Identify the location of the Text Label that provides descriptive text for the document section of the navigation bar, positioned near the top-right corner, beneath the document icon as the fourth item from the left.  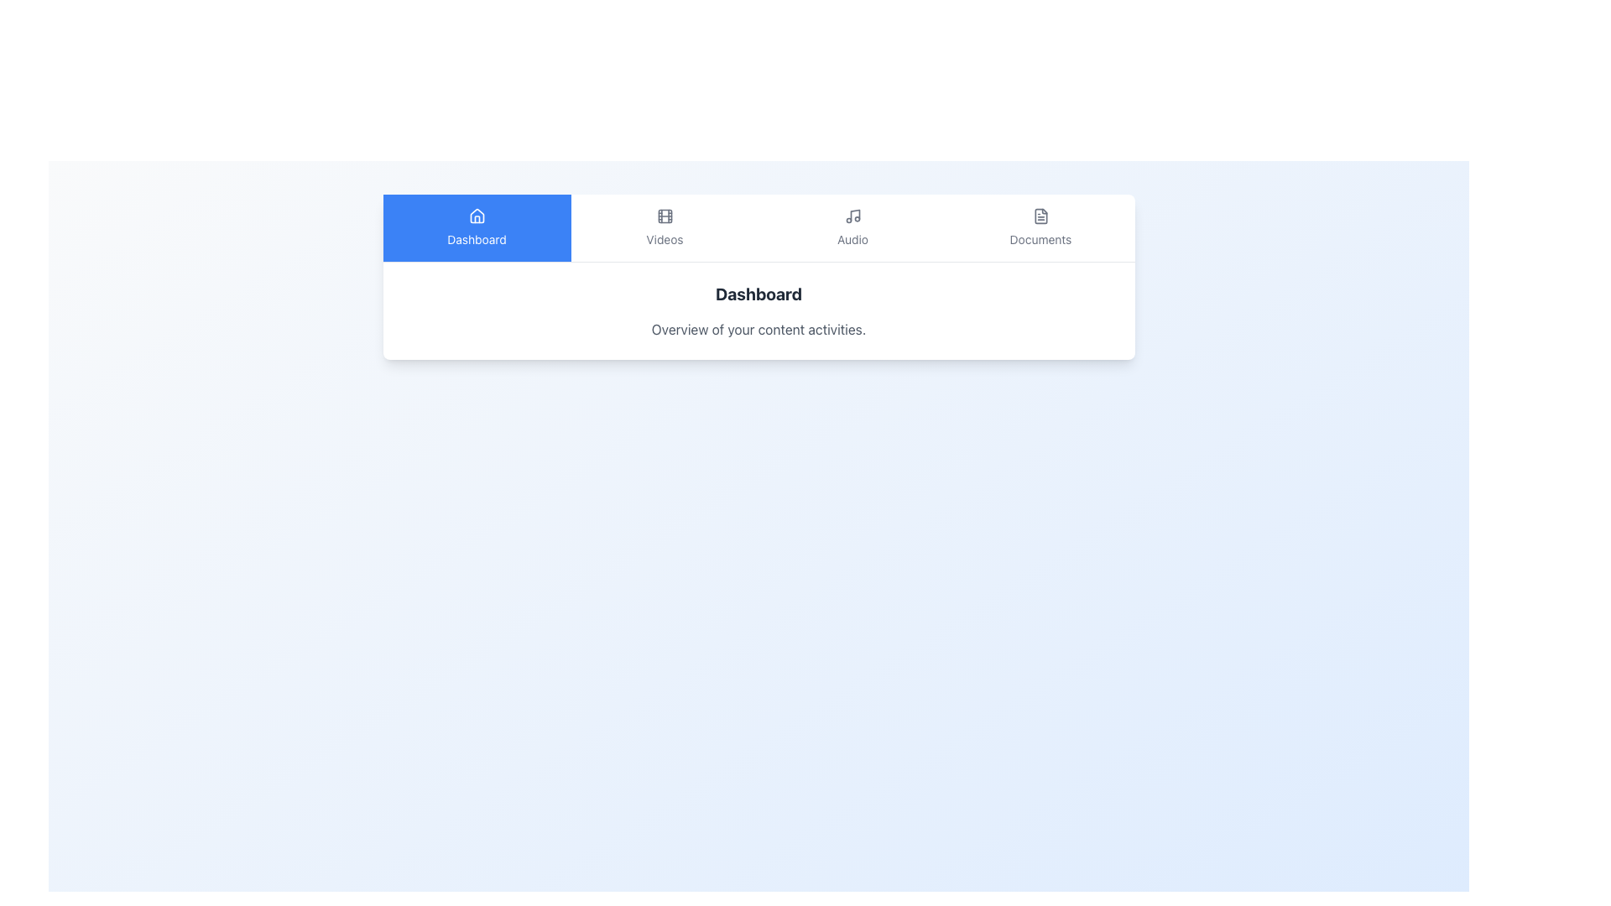
(1040, 239).